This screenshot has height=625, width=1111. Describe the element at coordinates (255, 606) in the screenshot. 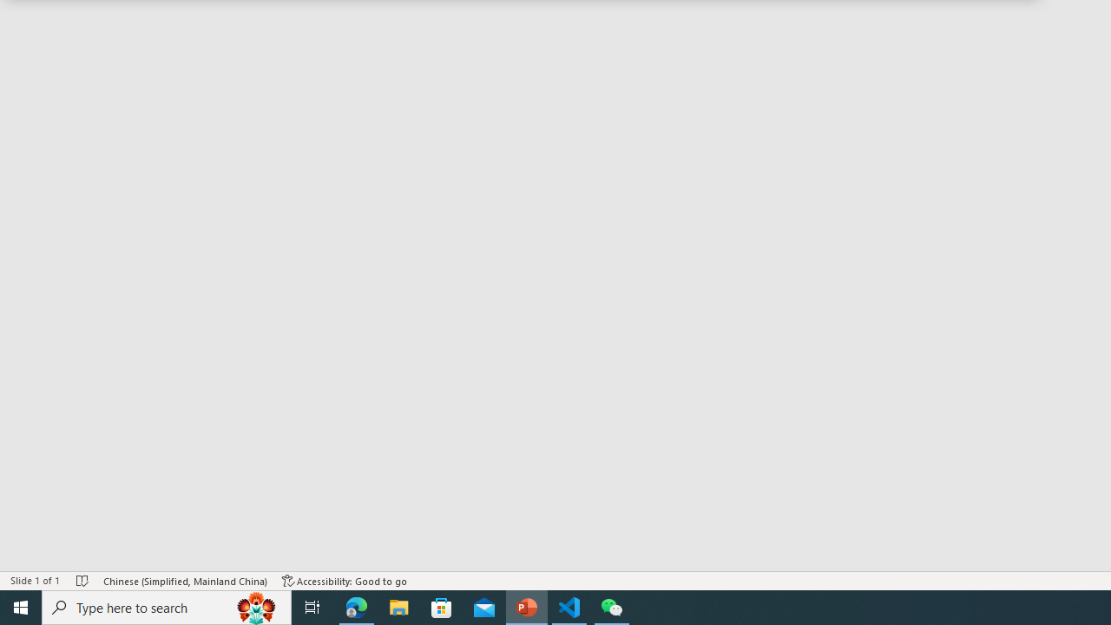

I see `'Search highlights icon opens search home window'` at that location.